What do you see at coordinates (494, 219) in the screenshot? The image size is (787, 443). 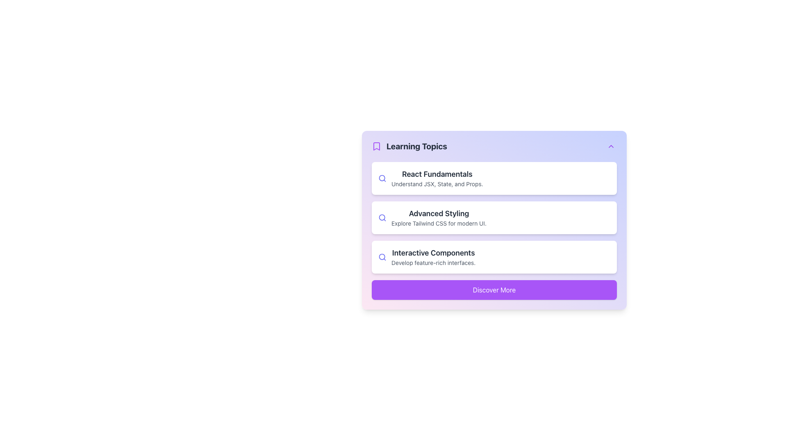 I see `the second item in the list of learning topics` at bounding box center [494, 219].